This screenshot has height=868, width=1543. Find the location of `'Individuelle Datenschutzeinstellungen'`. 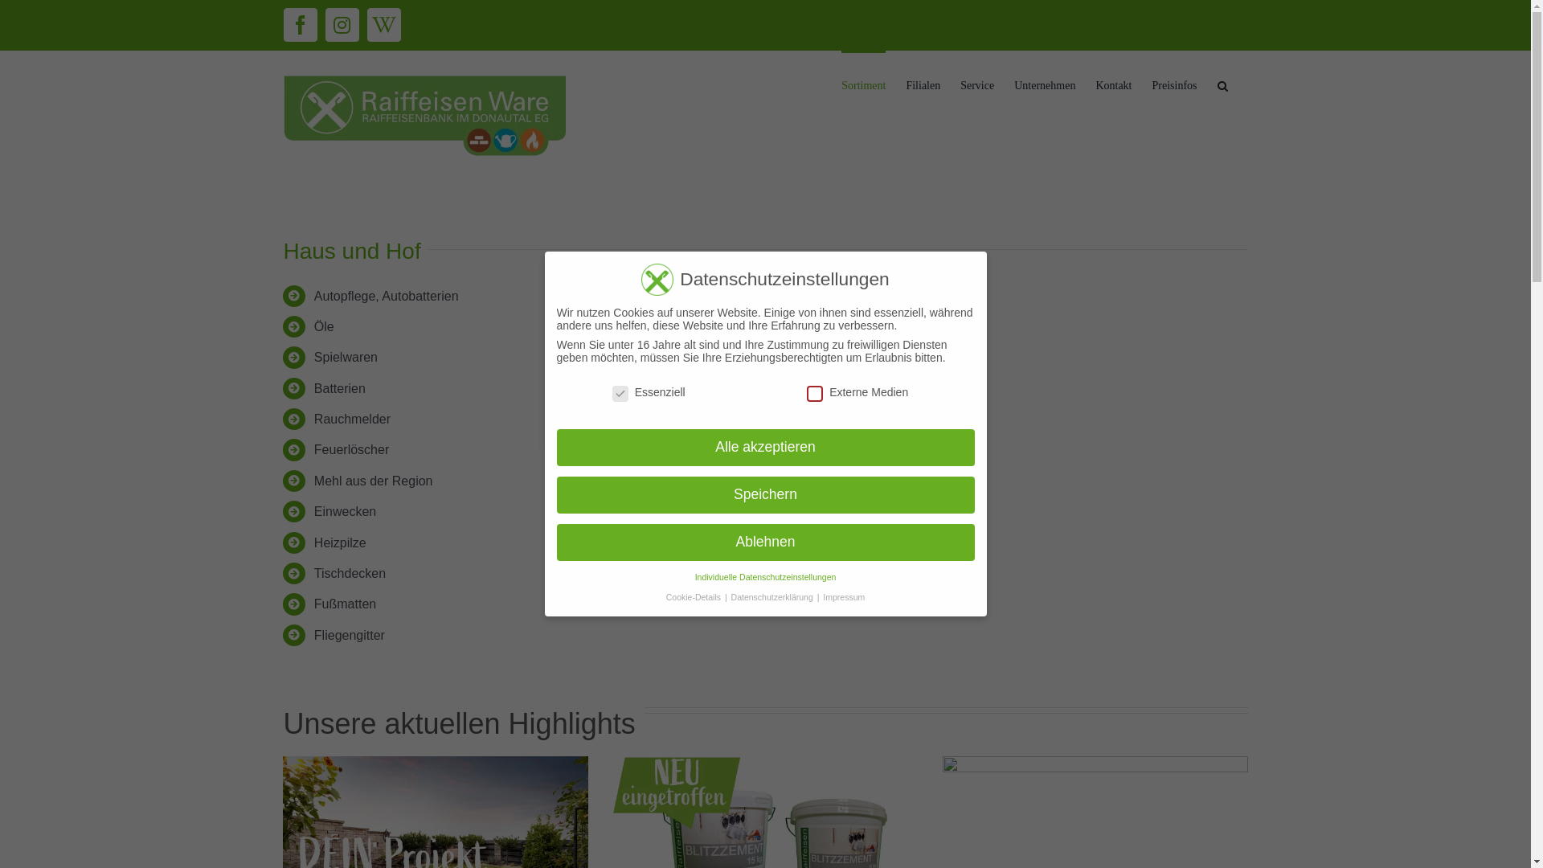

'Individuelle Datenschutzeinstellungen' is located at coordinates (765, 575).